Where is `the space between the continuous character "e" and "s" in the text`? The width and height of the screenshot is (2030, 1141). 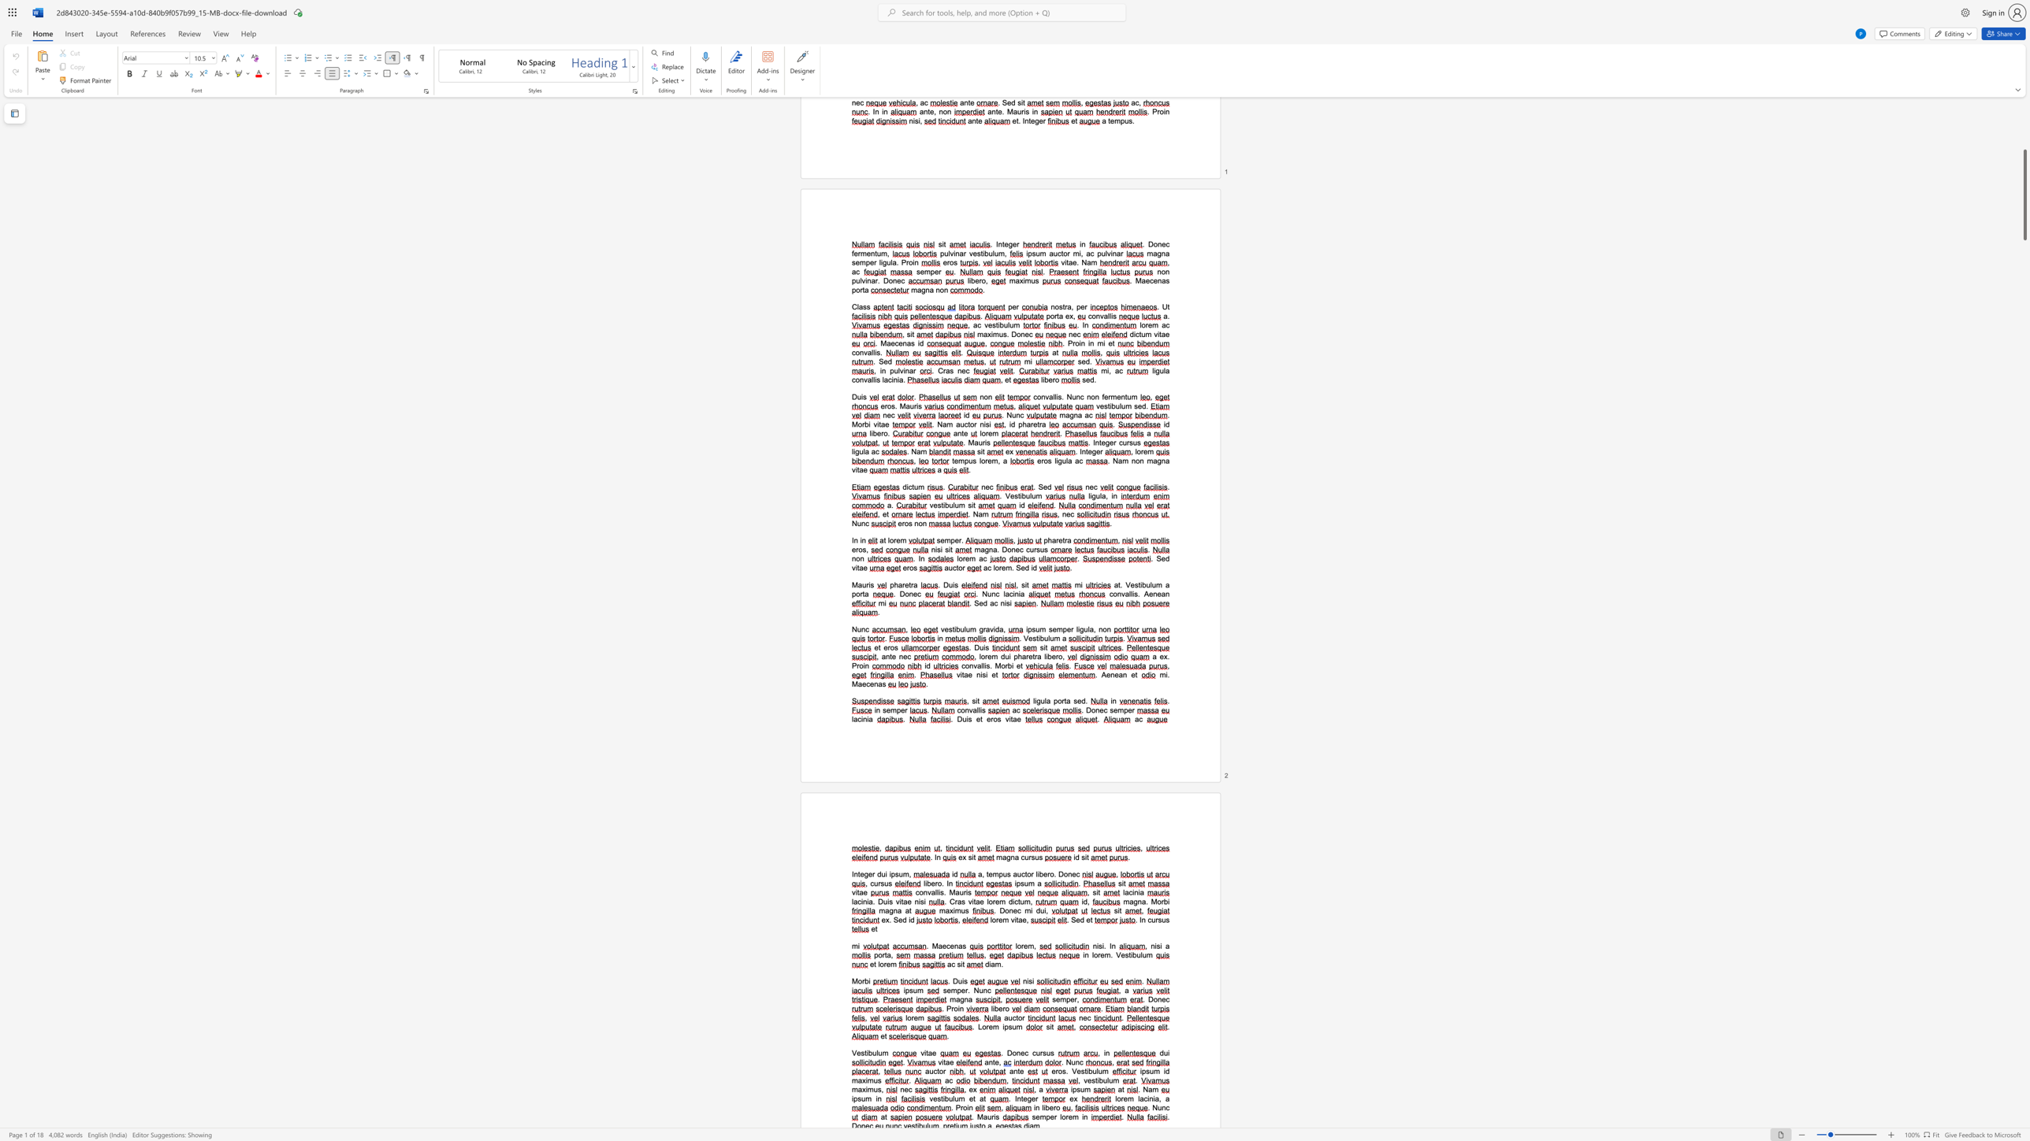 the space between the continuous character "e" and "s" in the text is located at coordinates (1125, 954).